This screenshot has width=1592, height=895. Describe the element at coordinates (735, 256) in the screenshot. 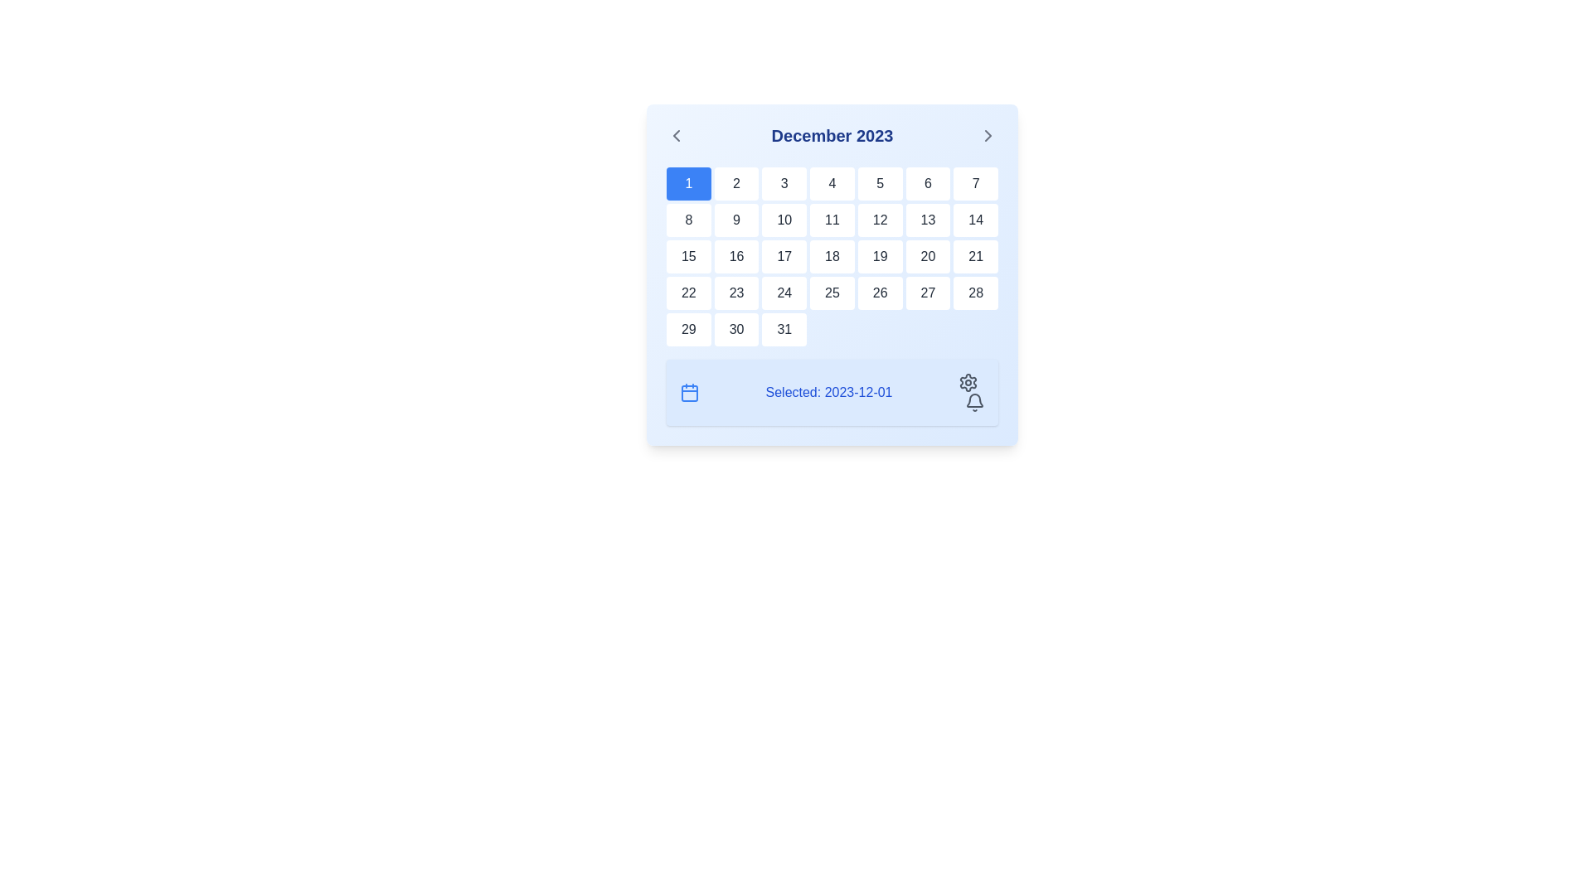

I see `the button representing the 16th day of the calendar` at that location.